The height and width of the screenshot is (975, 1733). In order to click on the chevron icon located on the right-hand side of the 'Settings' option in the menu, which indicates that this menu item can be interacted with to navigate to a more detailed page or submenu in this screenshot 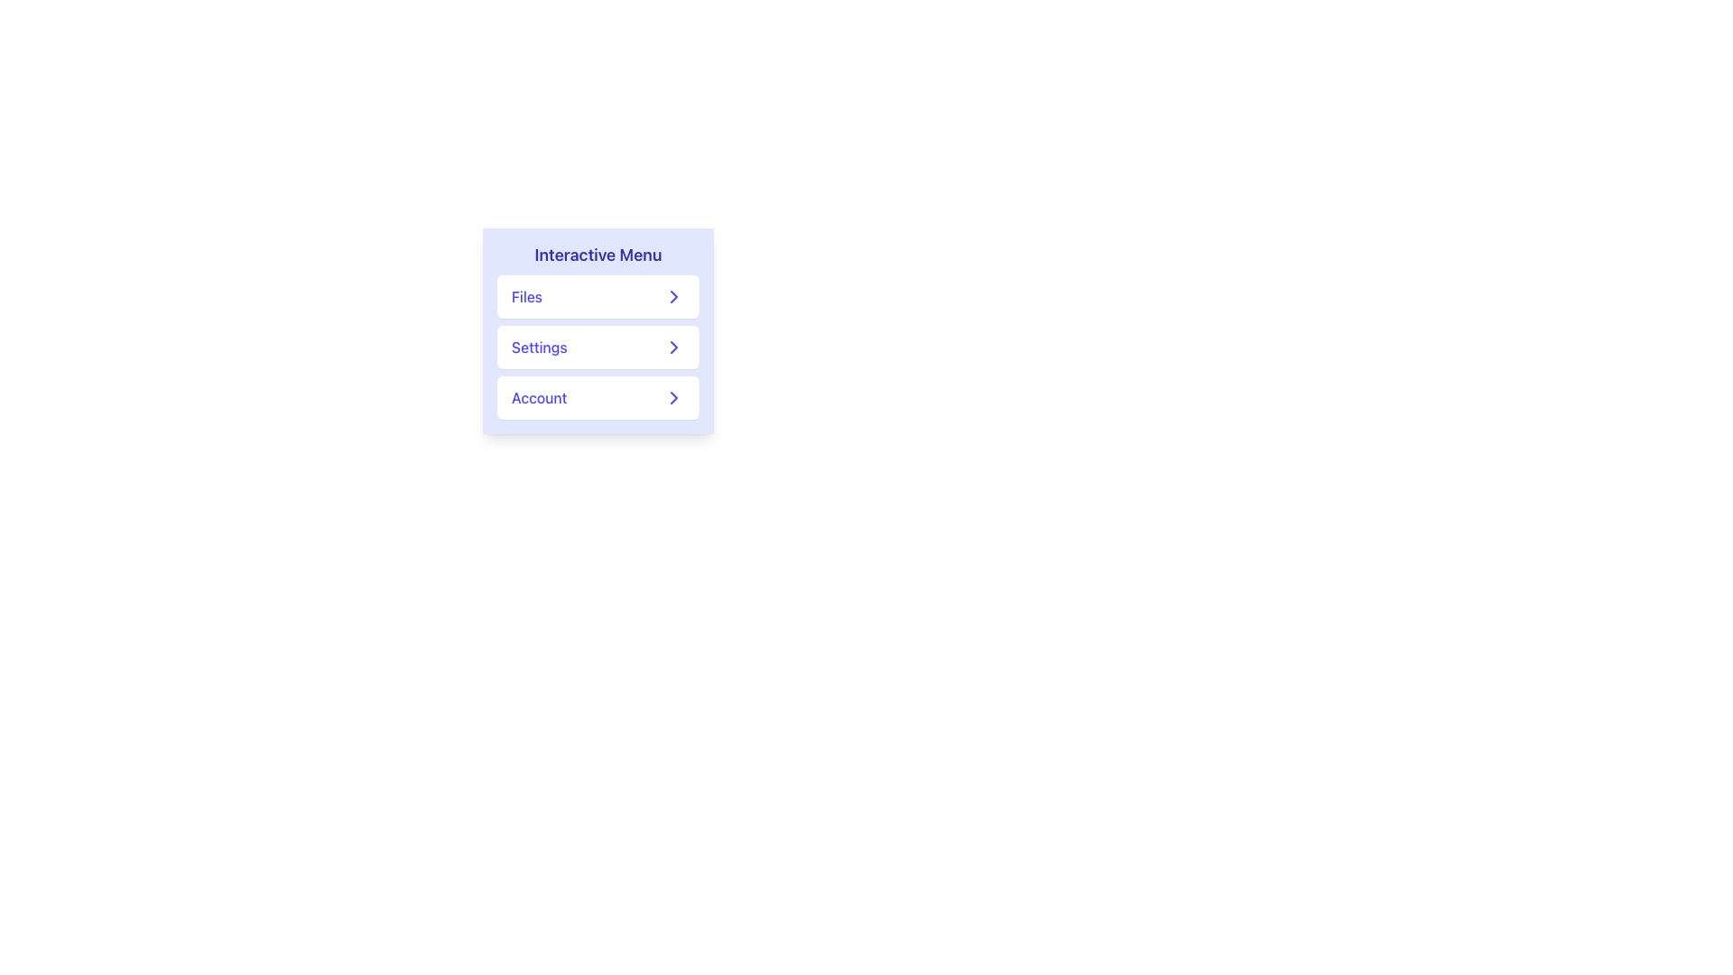, I will do `click(673, 348)`.